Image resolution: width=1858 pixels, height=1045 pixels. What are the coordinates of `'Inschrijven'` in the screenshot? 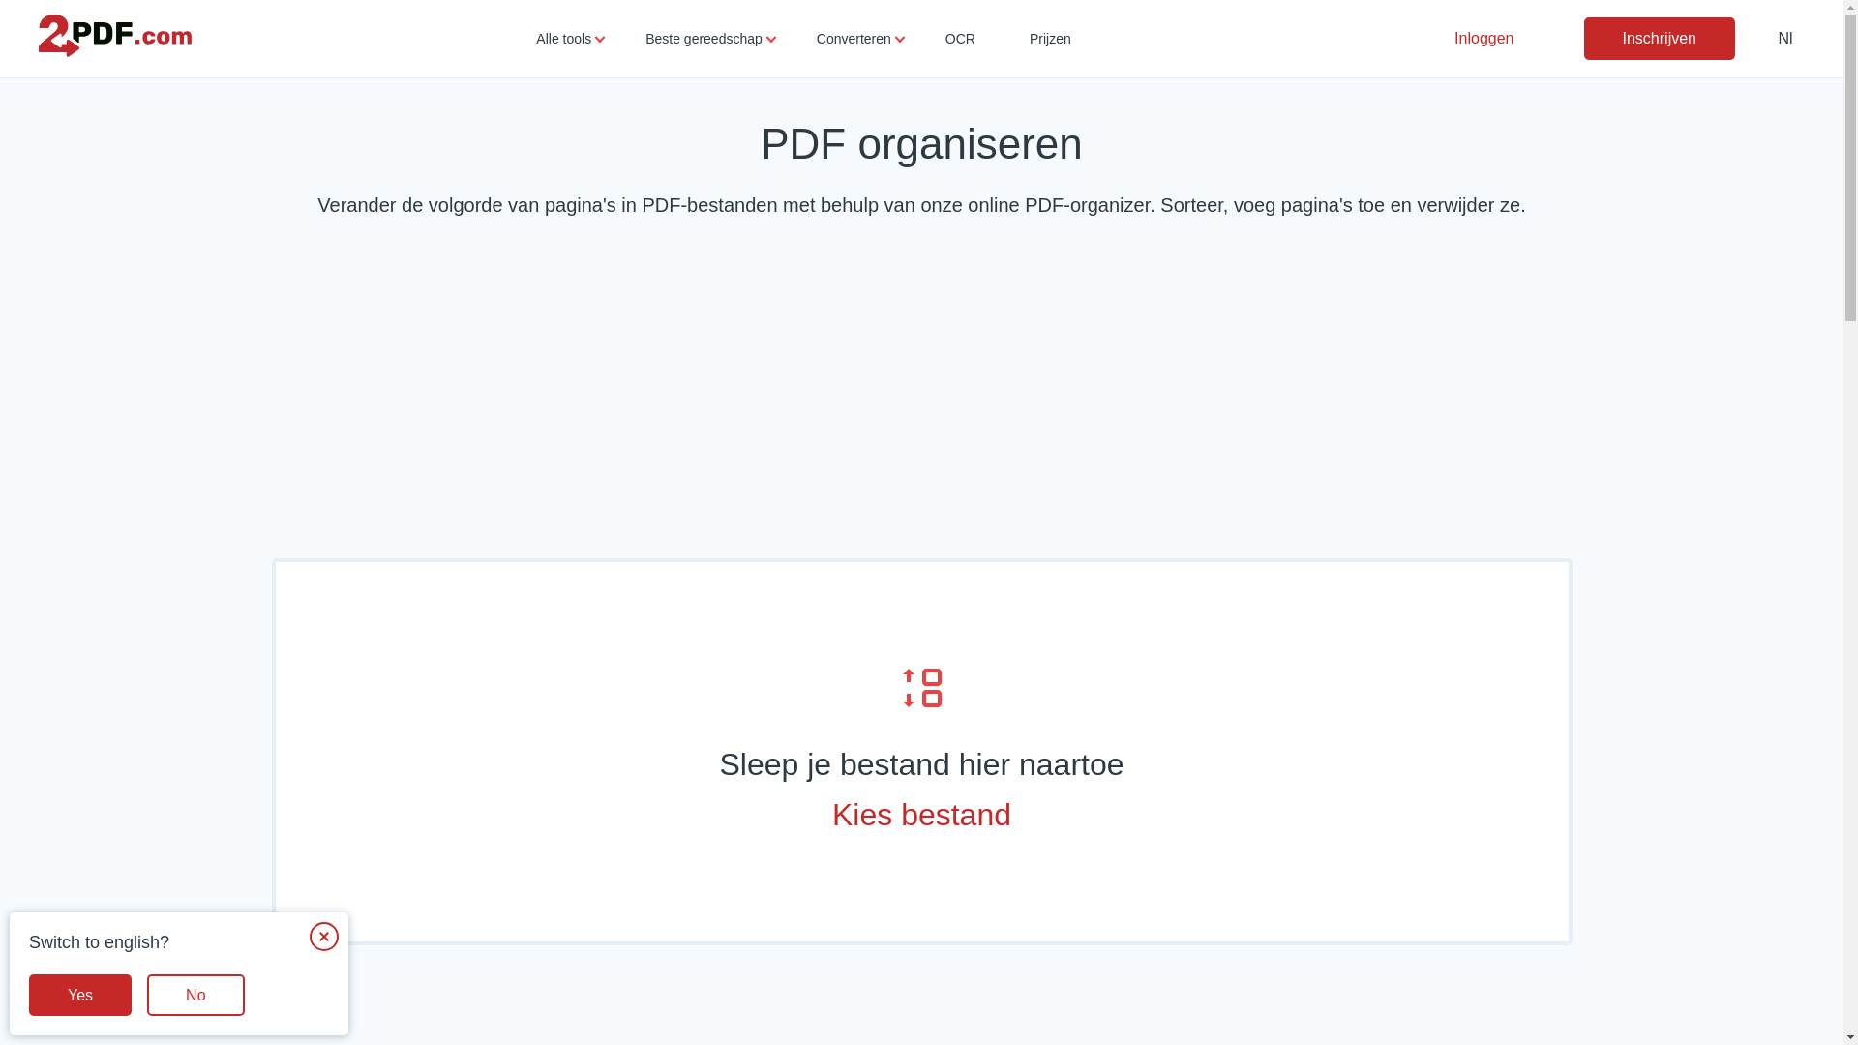 It's located at (1657, 38).